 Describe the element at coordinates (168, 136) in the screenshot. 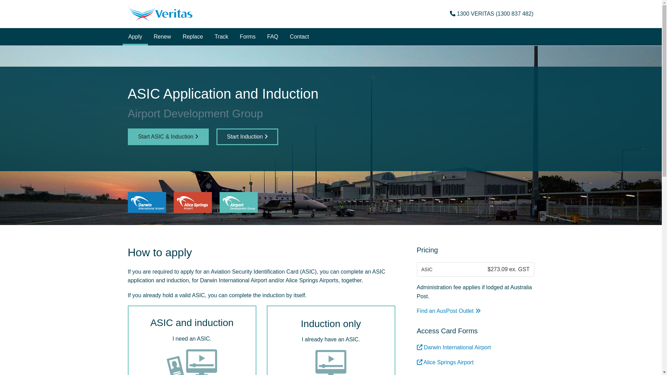

I see `'Start ASIC & Induction'` at that location.